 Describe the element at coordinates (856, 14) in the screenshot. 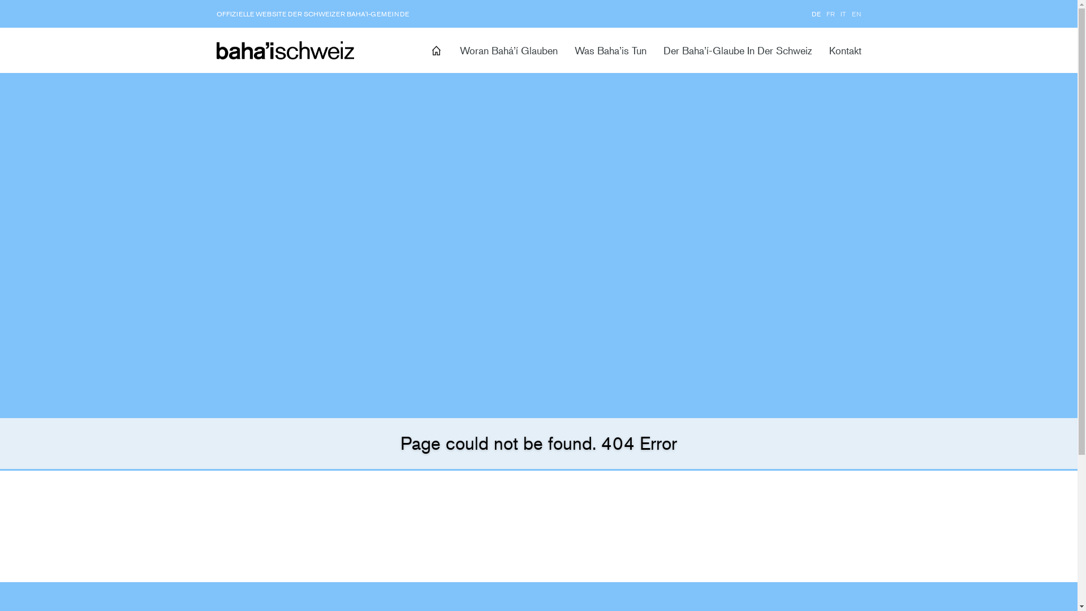

I see `'EN'` at that location.